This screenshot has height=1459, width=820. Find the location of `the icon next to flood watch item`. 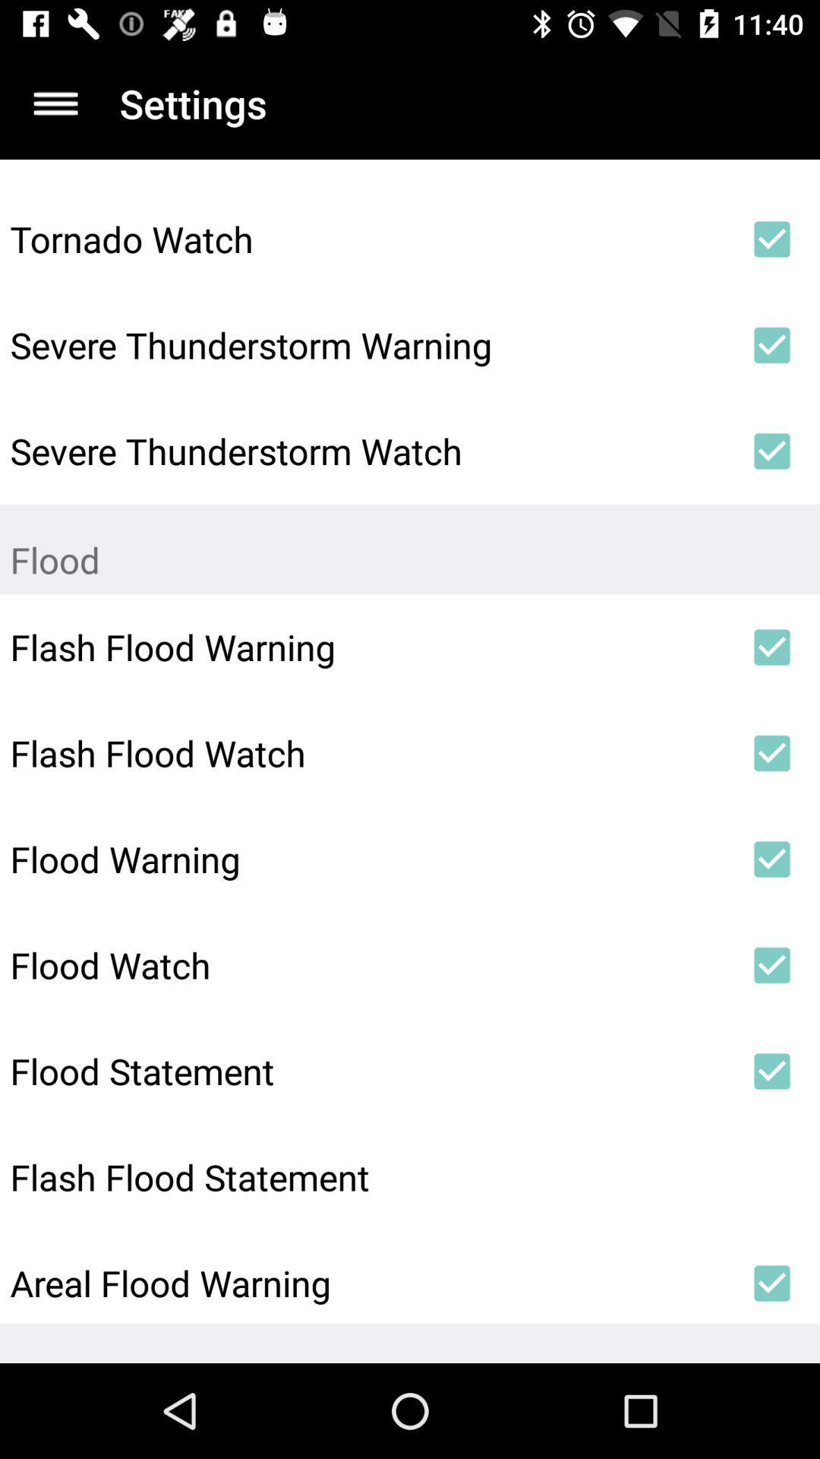

the icon next to flood watch item is located at coordinates (772, 964).